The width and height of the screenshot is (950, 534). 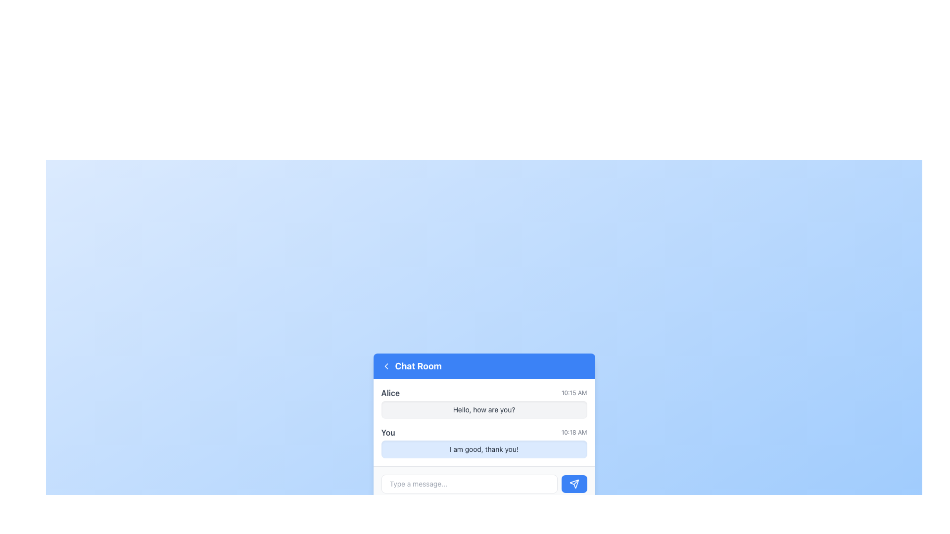 What do you see at coordinates (574, 392) in the screenshot?
I see `the timestamp label displaying '10:15 AM' in gray color, located adjacent to the sender's name 'Alice' in the chat interface` at bounding box center [574, 392].